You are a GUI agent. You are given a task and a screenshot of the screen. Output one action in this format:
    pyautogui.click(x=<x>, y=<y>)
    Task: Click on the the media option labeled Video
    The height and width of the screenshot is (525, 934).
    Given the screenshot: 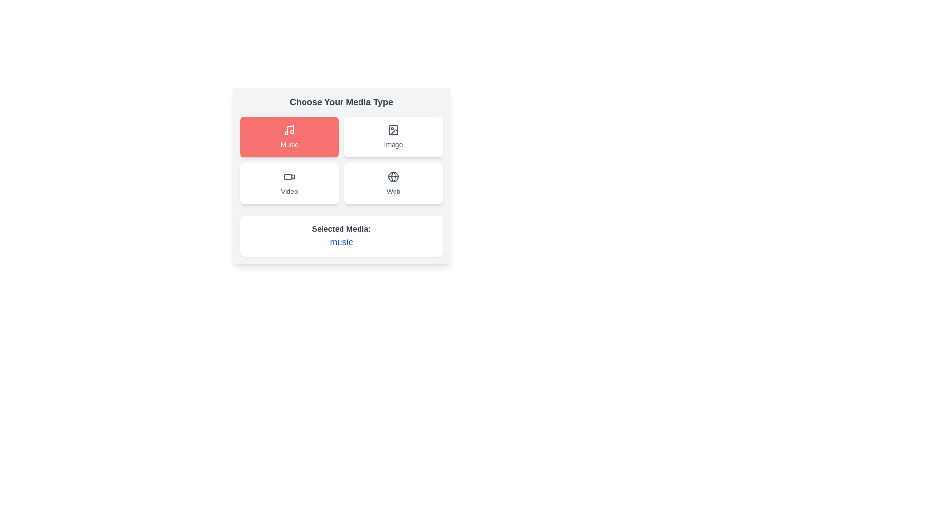 What is the action you would take?
    pyautogui.click(x=289, y=184)
    